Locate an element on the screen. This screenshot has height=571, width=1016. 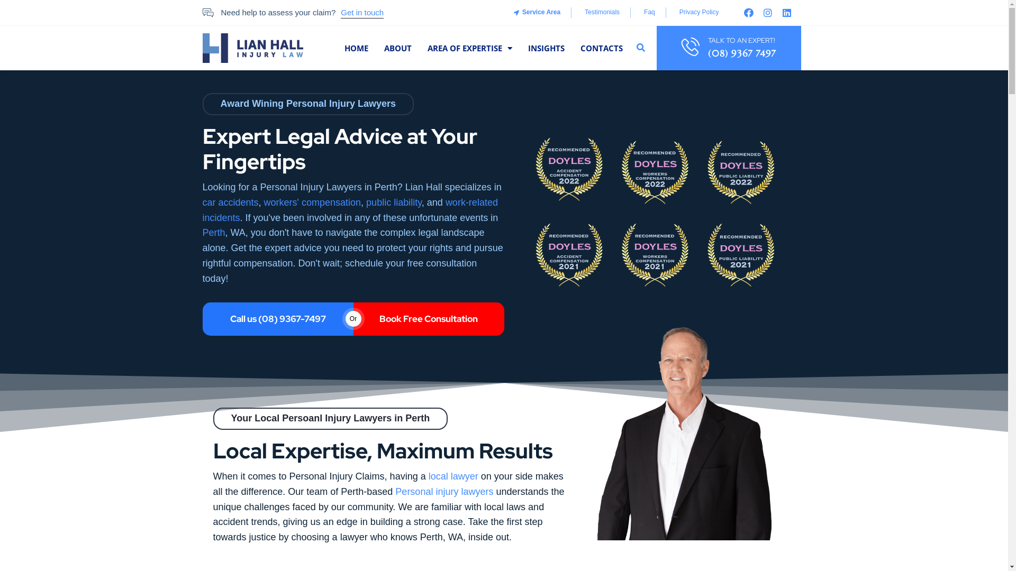
'public liability' is located at coordinates (393, 202).